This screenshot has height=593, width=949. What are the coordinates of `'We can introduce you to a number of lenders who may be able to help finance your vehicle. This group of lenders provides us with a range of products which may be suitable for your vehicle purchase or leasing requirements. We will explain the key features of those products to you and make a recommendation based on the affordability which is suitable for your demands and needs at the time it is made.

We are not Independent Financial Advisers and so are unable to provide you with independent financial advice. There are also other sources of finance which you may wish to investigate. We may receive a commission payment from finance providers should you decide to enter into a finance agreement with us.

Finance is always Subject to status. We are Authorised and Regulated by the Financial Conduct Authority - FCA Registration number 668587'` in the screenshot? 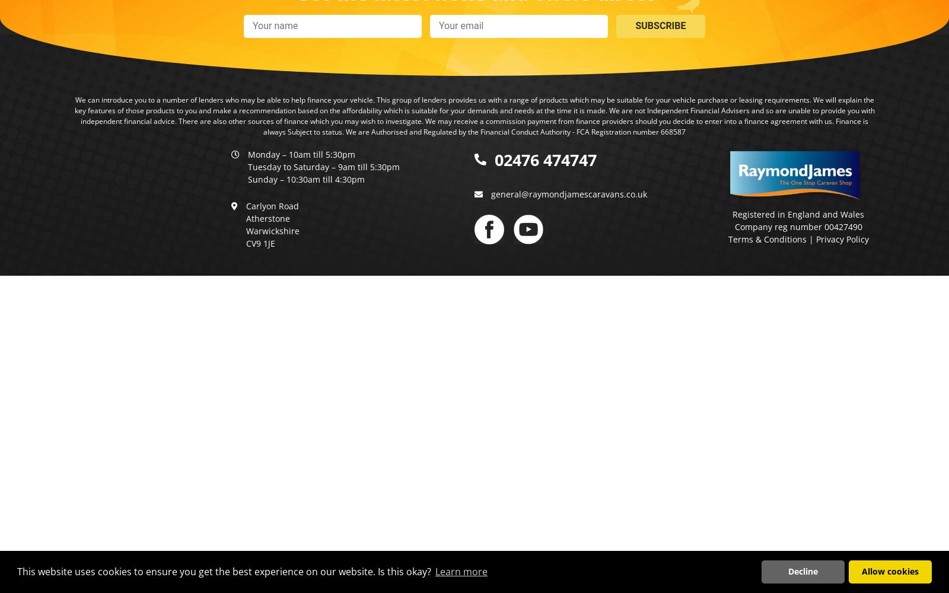 It's located at (73, 114).